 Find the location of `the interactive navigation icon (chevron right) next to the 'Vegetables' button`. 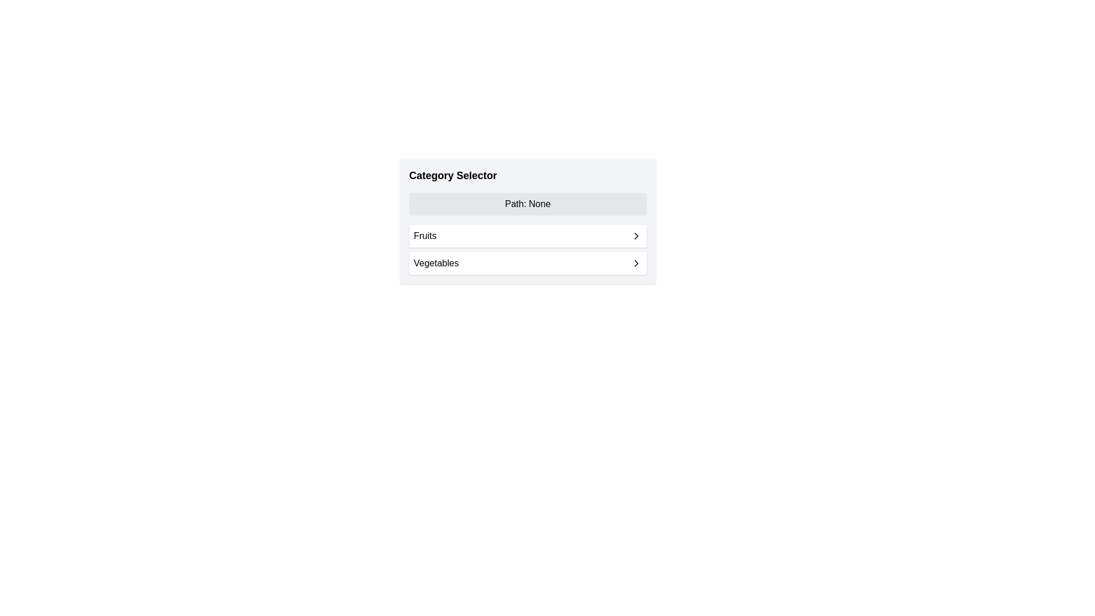

the interactive navigation icon (chevron right) next to the 'Vegetables' button is located at coordinates (635, 264).